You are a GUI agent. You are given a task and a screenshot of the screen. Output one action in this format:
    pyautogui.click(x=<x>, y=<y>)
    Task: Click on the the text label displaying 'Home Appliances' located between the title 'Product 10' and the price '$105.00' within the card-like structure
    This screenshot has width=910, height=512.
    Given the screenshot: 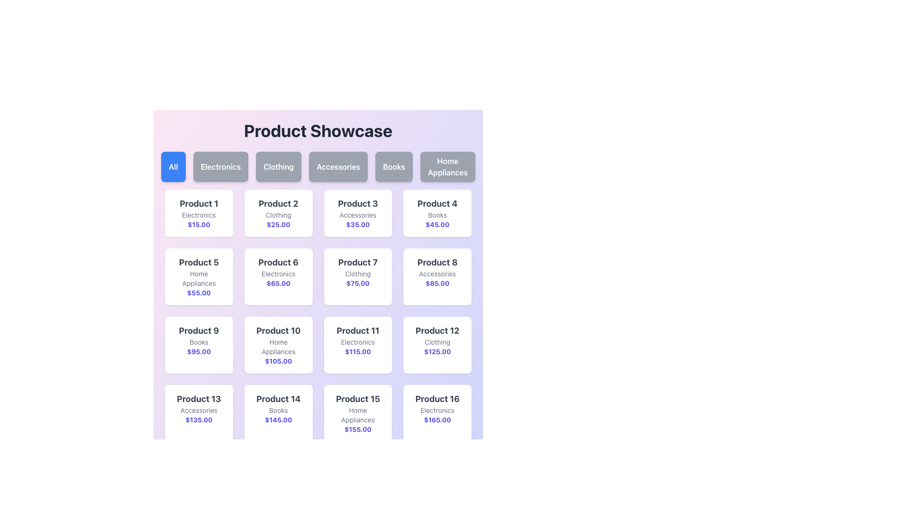 What is the action you would take?
    pyautogui.click(x=278, y=347)
    